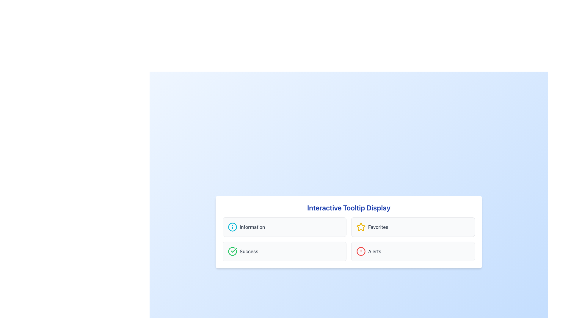 The height and width of the screenshot is (321, 571). Describe the element at coordinates (361, 227) in the screenshot. I see `the star-shaped icon with a yellow outline located to the left of the word 'Favorites' to interact with it` at that location.